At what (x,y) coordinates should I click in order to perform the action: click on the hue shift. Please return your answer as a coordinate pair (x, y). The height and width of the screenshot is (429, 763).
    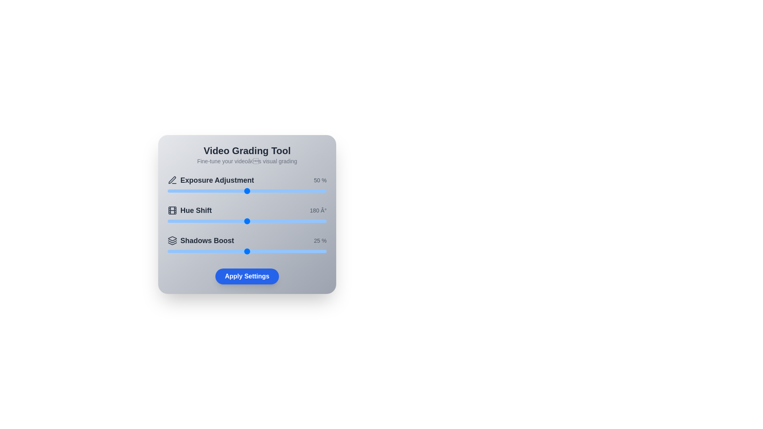
    Looking at the image, I should click on (309, 221).